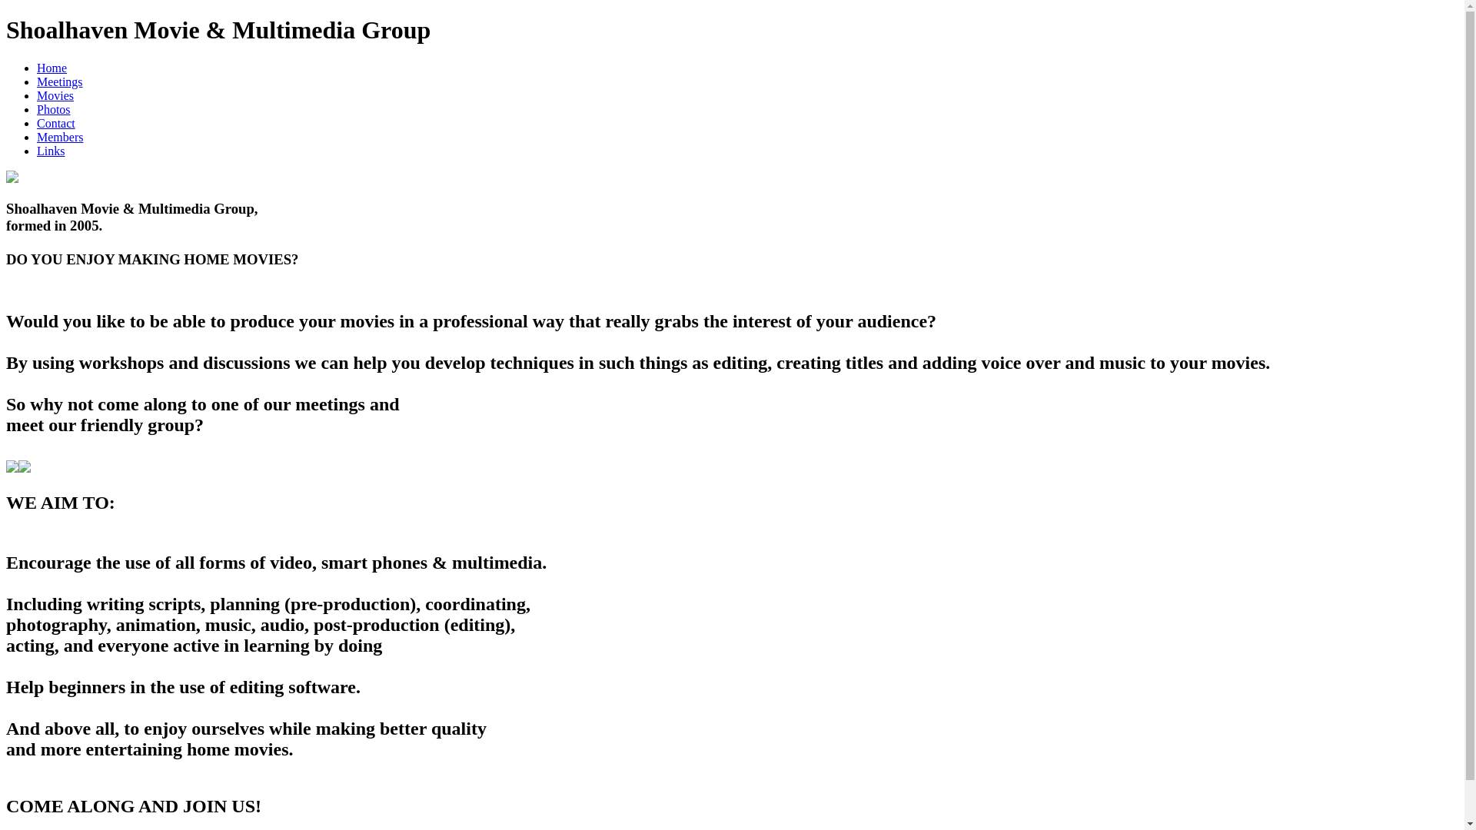 This screenshot has width=1476, height=830. Describe the element at coordinates (37, 81) in the screenshot. I see `'Meetings'` at that location.